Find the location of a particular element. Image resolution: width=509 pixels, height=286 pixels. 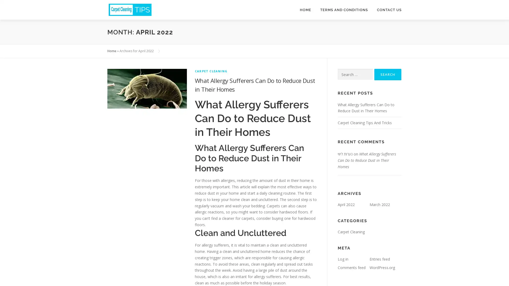

Search is located at coordinates (388, 74).